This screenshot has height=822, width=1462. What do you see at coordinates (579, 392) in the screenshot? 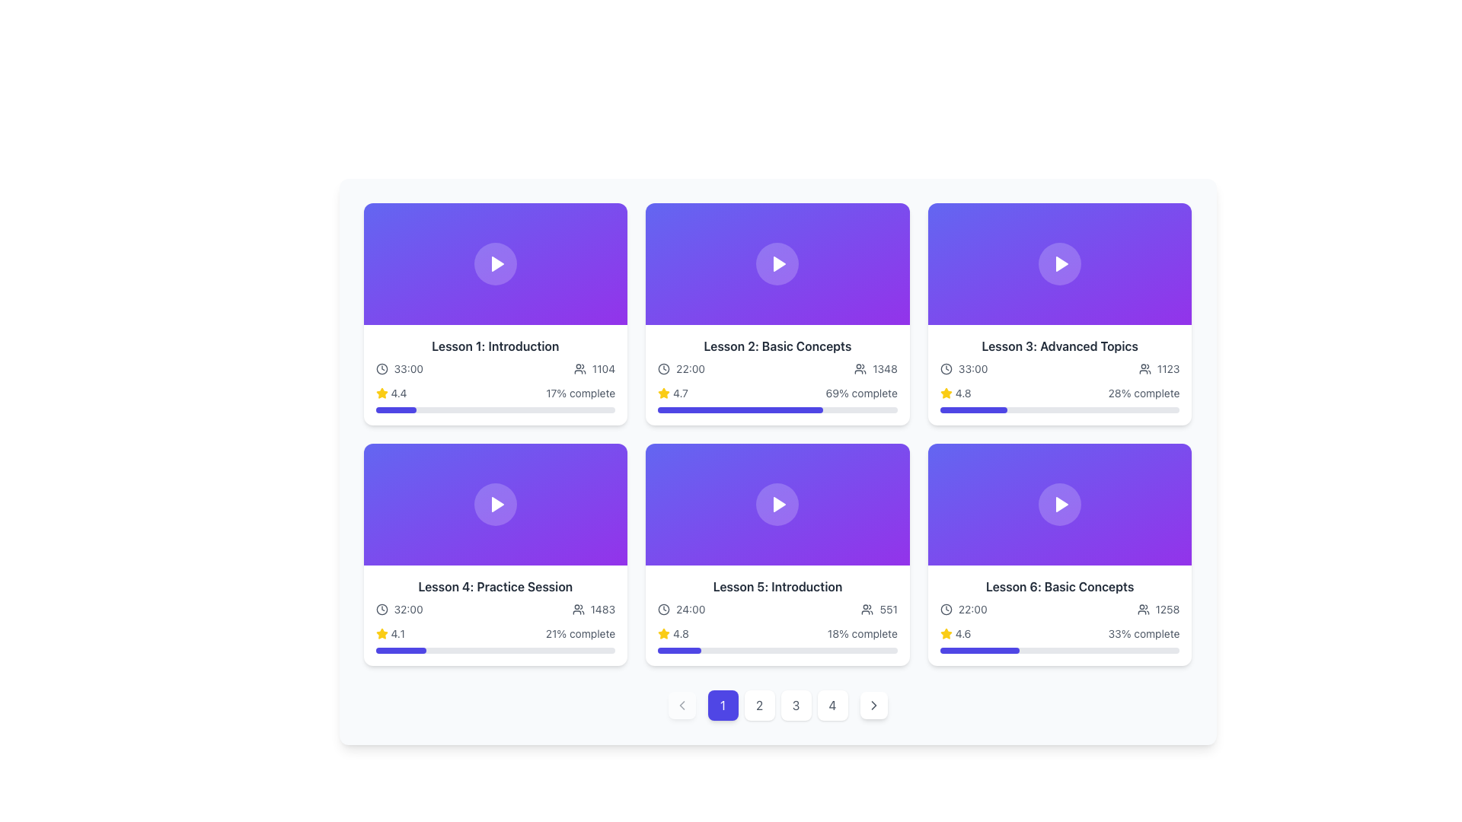
I see `the Text label that presents progress data for Lesson 1: Introduction, located in the bottom-right section of the card, adjacent to a progress bar and under a yellow star icon with a numerical rating` at bounding box center [579, 392].